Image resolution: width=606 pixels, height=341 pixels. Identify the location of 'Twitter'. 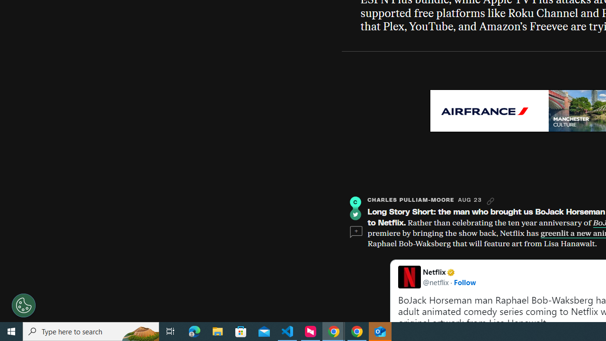
(355, 215).